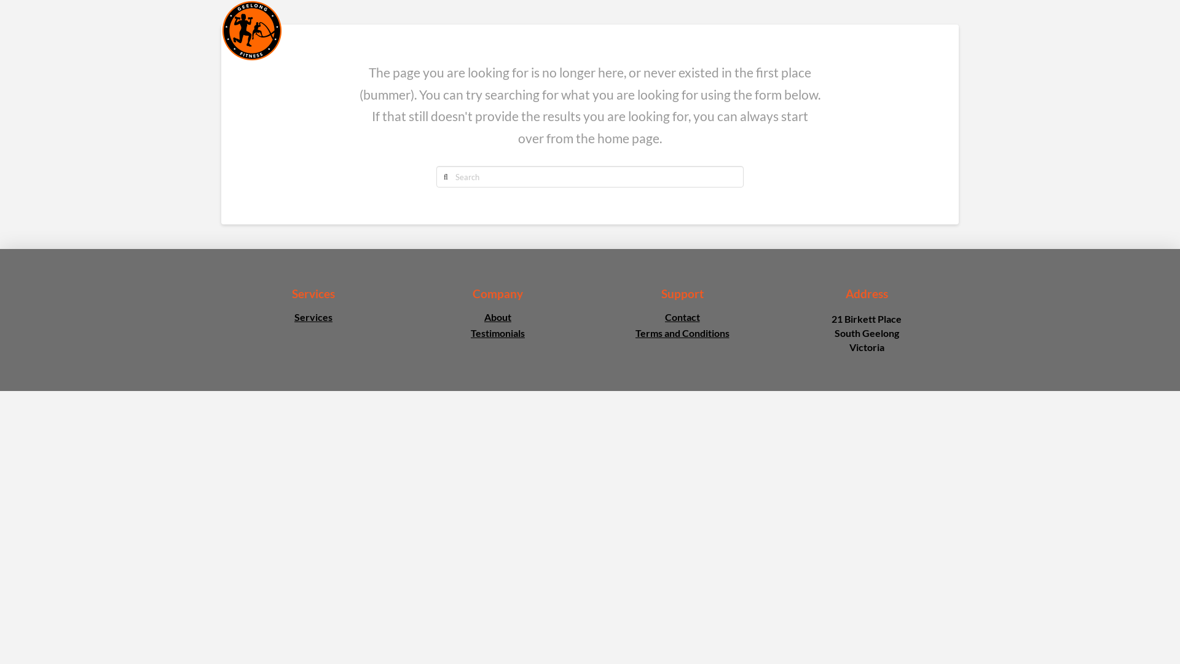 The height and width of the screenshot is (664, 1180). Describe the element at coordinates (642, 30) in the screenshot. I see `'TIMETABLE'` at that location.